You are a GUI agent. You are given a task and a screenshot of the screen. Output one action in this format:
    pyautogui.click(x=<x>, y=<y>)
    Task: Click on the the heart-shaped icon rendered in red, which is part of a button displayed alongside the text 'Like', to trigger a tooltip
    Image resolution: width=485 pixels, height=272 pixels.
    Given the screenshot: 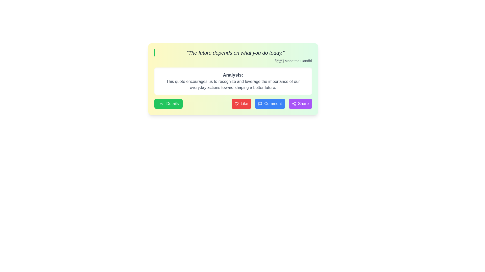 What is the action you would take?
    pyautogui.click(x=236, y=104)
    